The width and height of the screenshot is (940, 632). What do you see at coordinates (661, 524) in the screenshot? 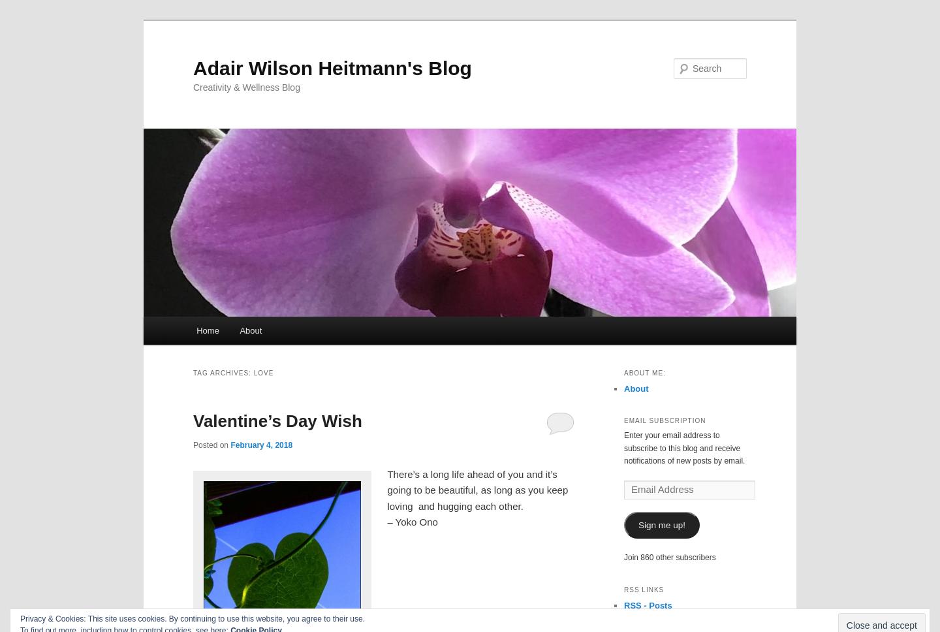
I see `'Sign me up!'` at bounding box center [661, 524].